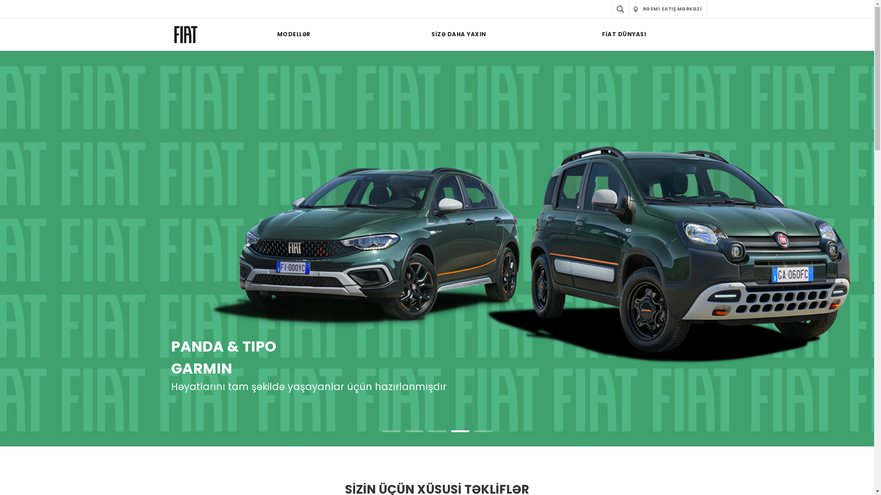  I want to click on '4', so click(460, 432).